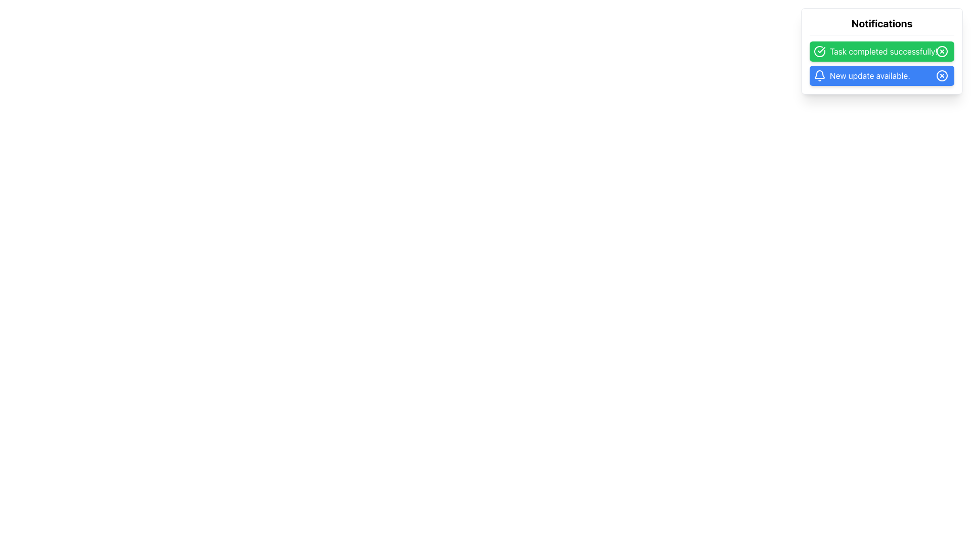  I want to click on the close button located at the top-right corner of the task notification box labeled 'Task completed successfully', so click(941, 51).